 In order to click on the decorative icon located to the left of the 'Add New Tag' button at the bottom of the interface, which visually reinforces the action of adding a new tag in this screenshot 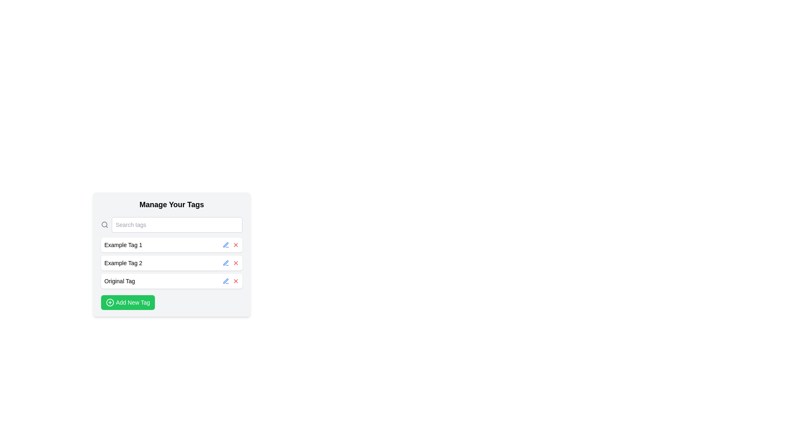, I will do `click(110, 303)`.